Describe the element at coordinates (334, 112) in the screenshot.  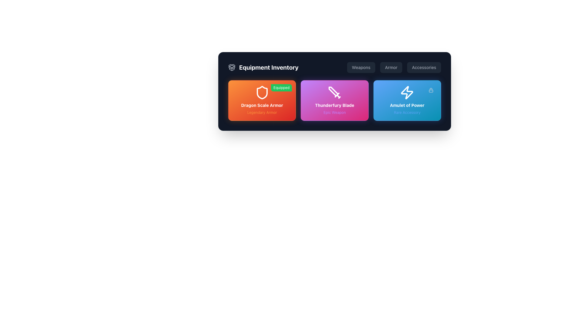
I see `the descriptive label that provides additional information about the 'Thunderfury Blade', which is categorized as an 'Epic Weapon'` at that location.